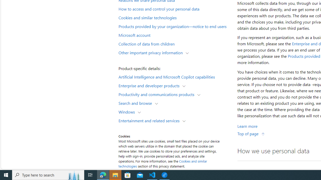 The width and height of the screenshot is (321, 180). Describe the element at coordinates (151, 52) in the screenshot. I see `'Other important privacy information'` at that location.